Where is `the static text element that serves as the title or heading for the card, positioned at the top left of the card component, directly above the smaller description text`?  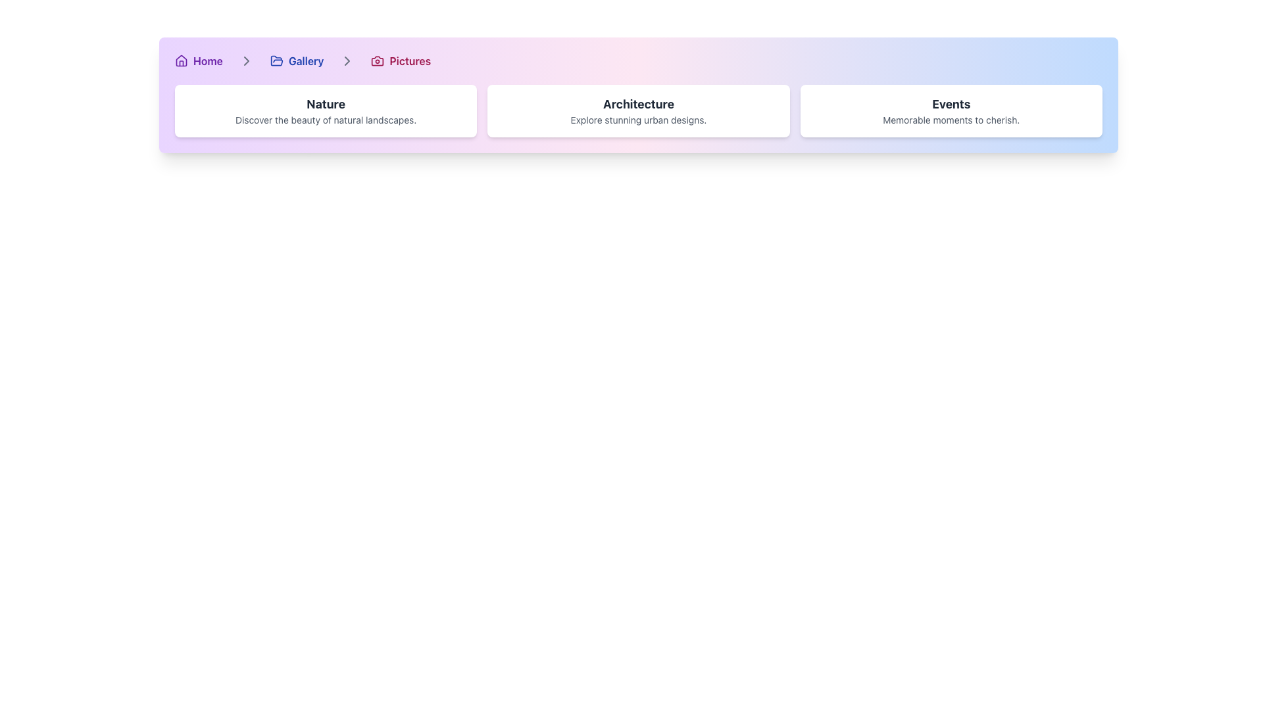 the static text element that serves as the title or heading for the card, positioned at the top left of the card component, directly above the smaller description text is located at coordinates (326, 103).